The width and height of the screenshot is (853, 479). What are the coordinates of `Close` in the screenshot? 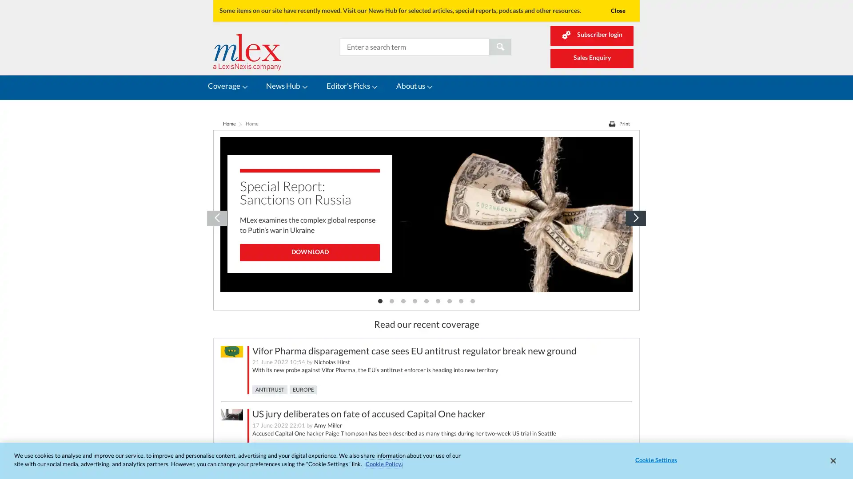 It's located at (832, 459).